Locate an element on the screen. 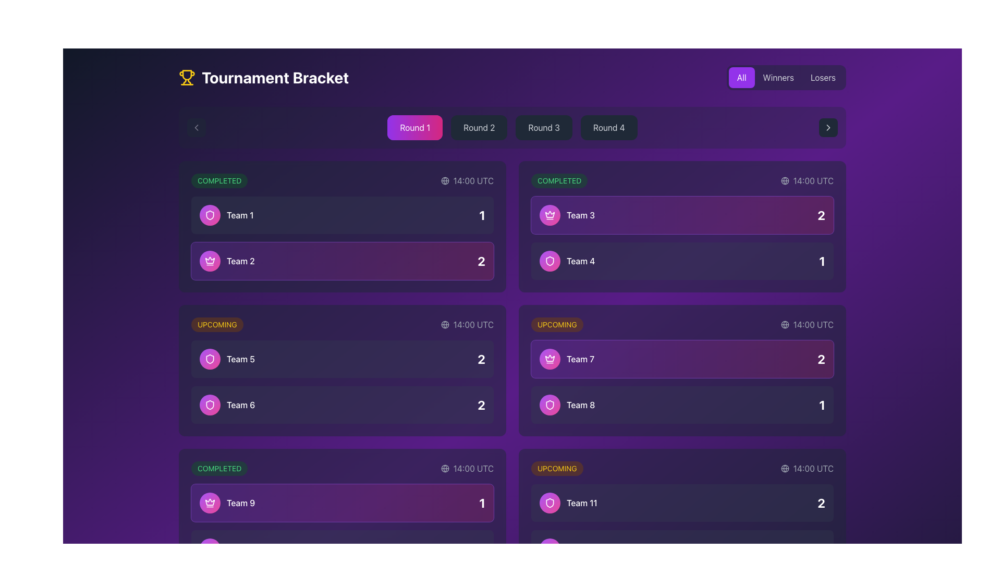 The image size is (1001, 563). static text label that indicates the scheduled time for the event associated with the match, located near a globe icon is located at coordinates (813, 324).